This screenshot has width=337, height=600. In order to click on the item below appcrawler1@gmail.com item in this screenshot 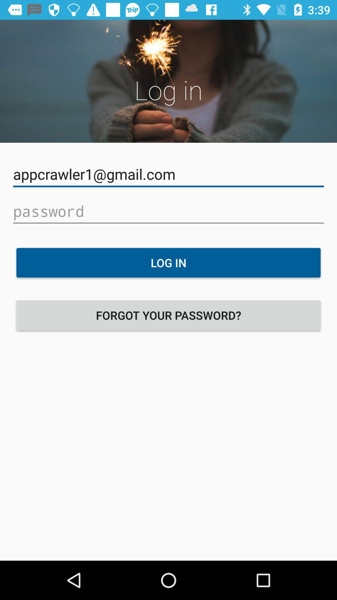, I will do `click(168, 211)`.